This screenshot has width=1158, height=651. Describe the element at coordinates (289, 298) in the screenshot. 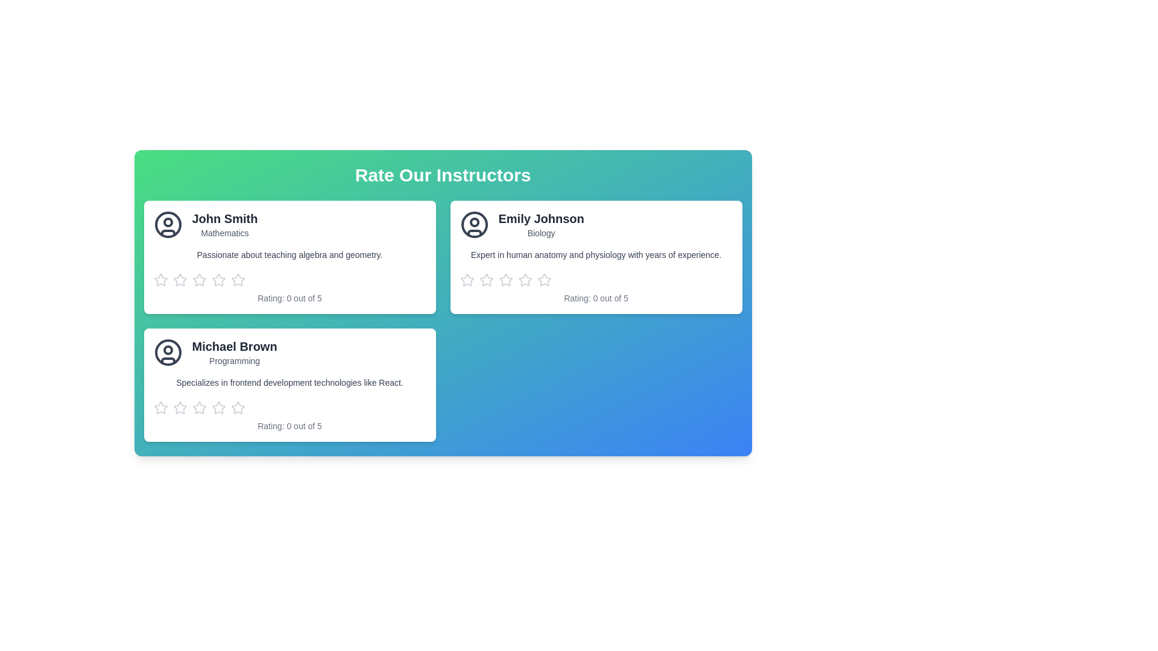

I see `the text label indicating the current rating of 'John Smith', located below the star rating icons in the bottom section of his card` at that location.